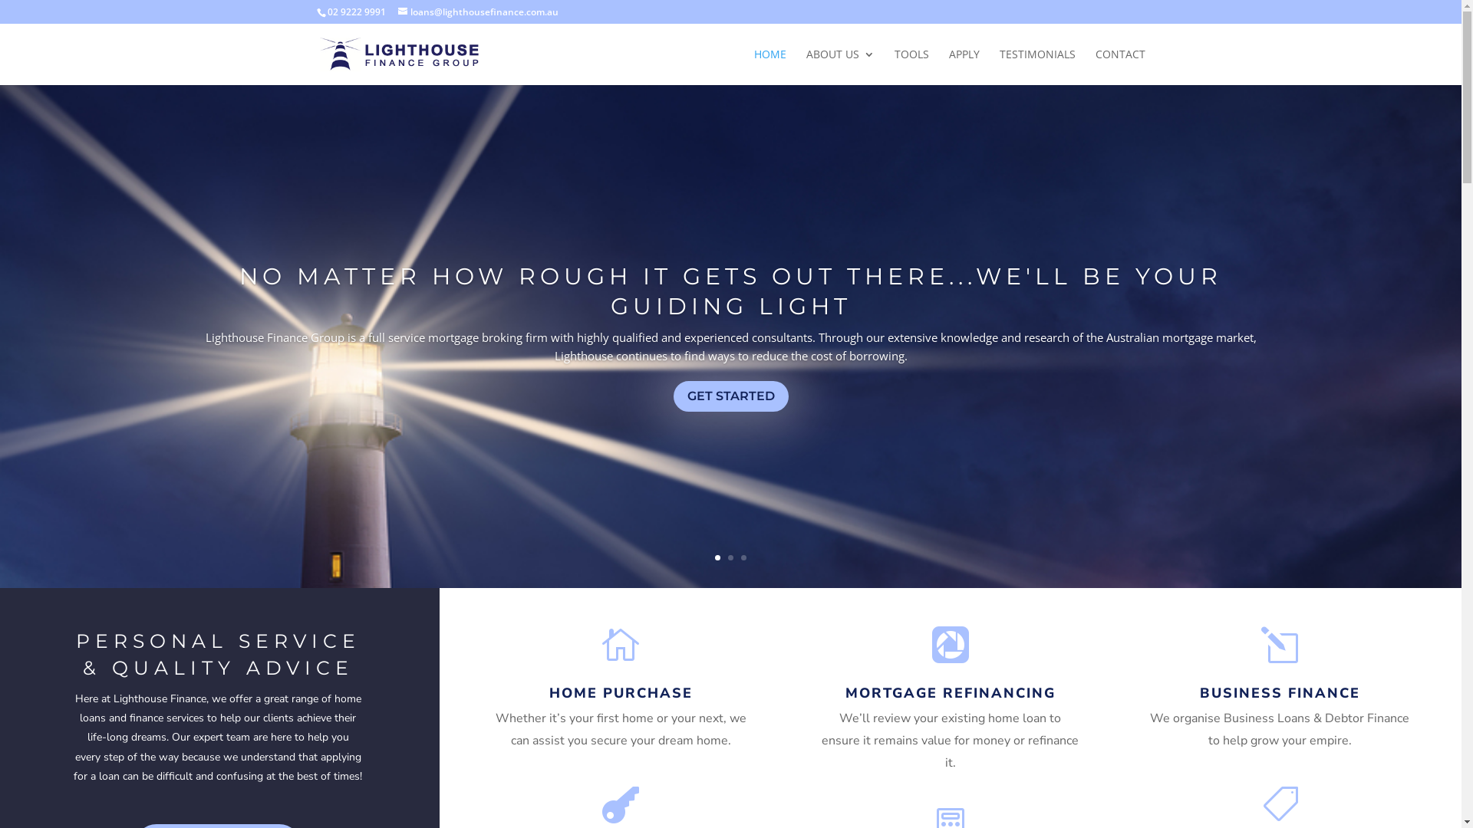  What do you see at coordinates (740, 557) in the screenshot?
I see `'3'` at bounding box center [740, 557].